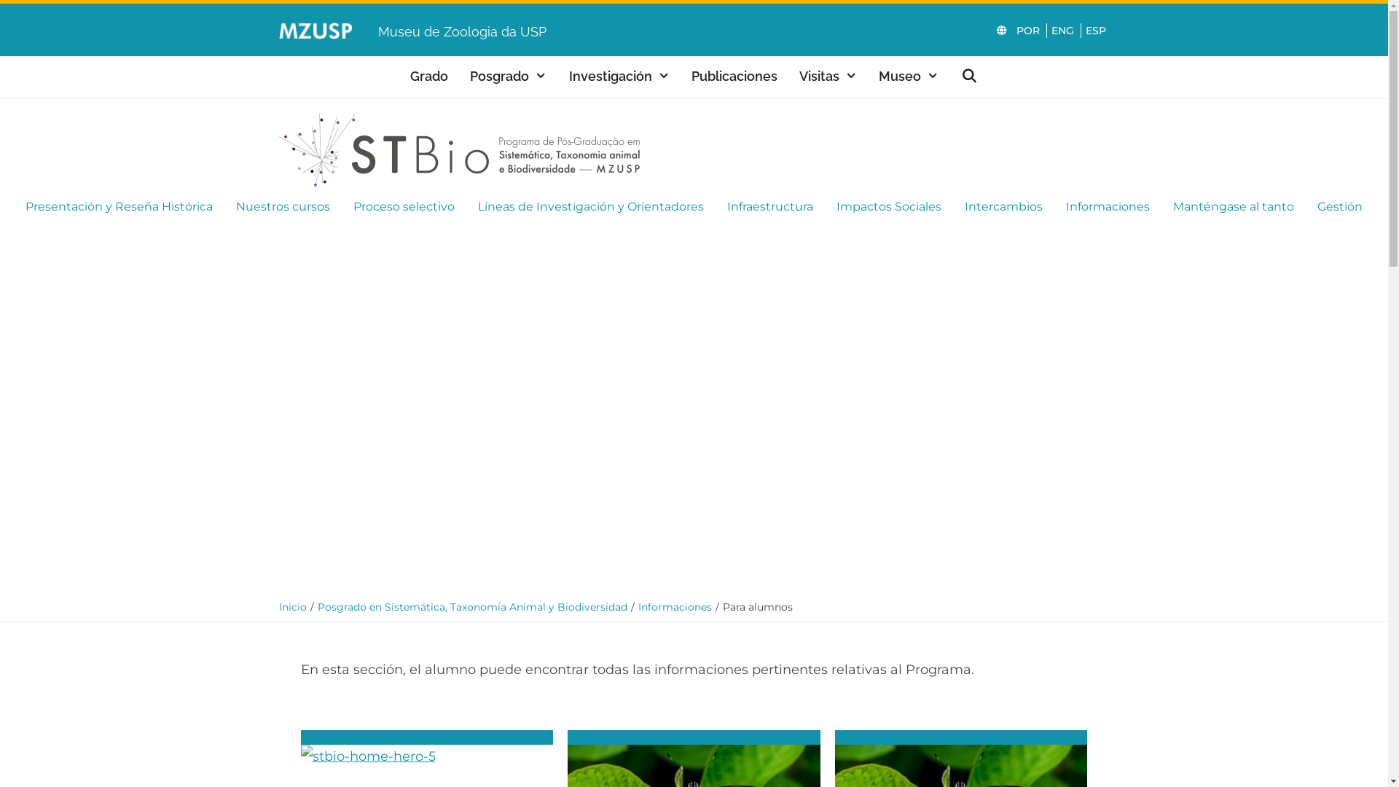  Describe the element at coordinates (769, 207) in the screenshot. I see `'Infraestructura'` at that location.